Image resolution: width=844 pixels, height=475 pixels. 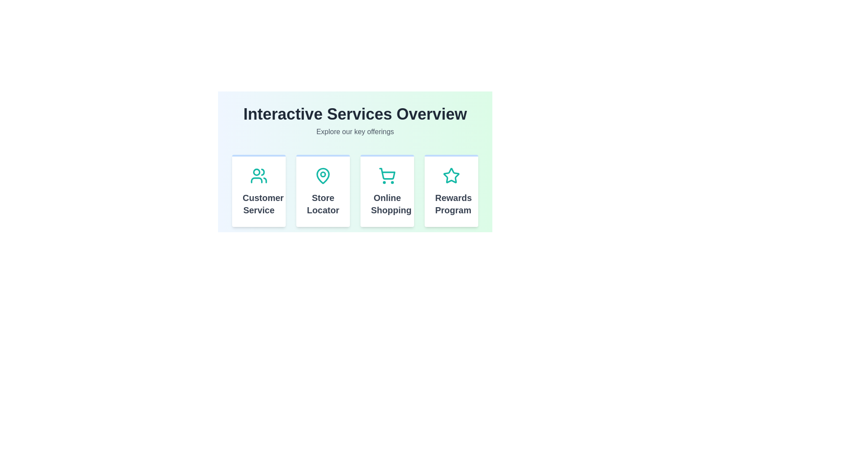 What do you see at coordinates (451, 175) in the screenshot?
I see `the star icon located at the center of the rightmost card under the 'Interactive Services Overview' title` at bounding box center [451, 175].